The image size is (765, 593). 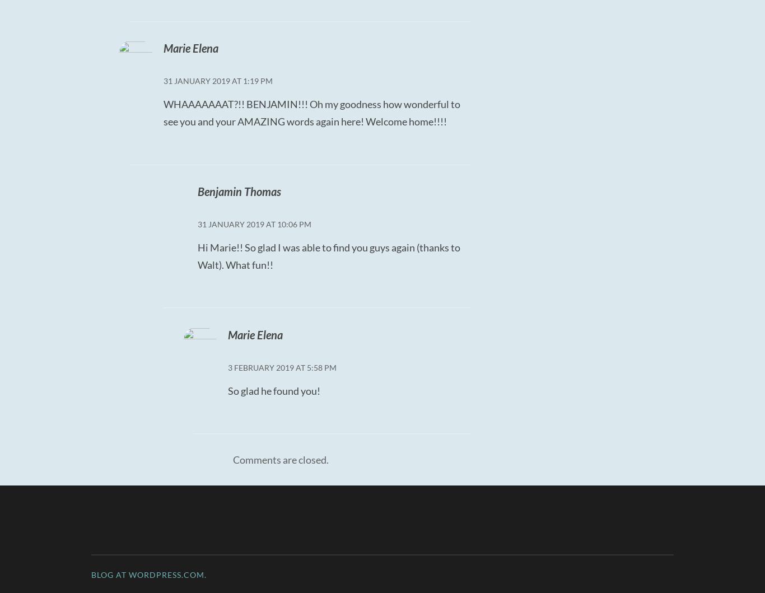 What do you see at coordinates (162, 80) in the screenshot?
I see `'31 January 2019 at 1:19 PM'` at bounding box center [162, 80].